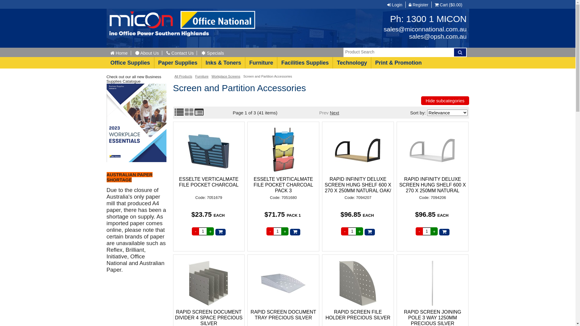 The height and width of the screenshot is (326, 580). I want to click on 'Increase quantity', so click(284, 231).